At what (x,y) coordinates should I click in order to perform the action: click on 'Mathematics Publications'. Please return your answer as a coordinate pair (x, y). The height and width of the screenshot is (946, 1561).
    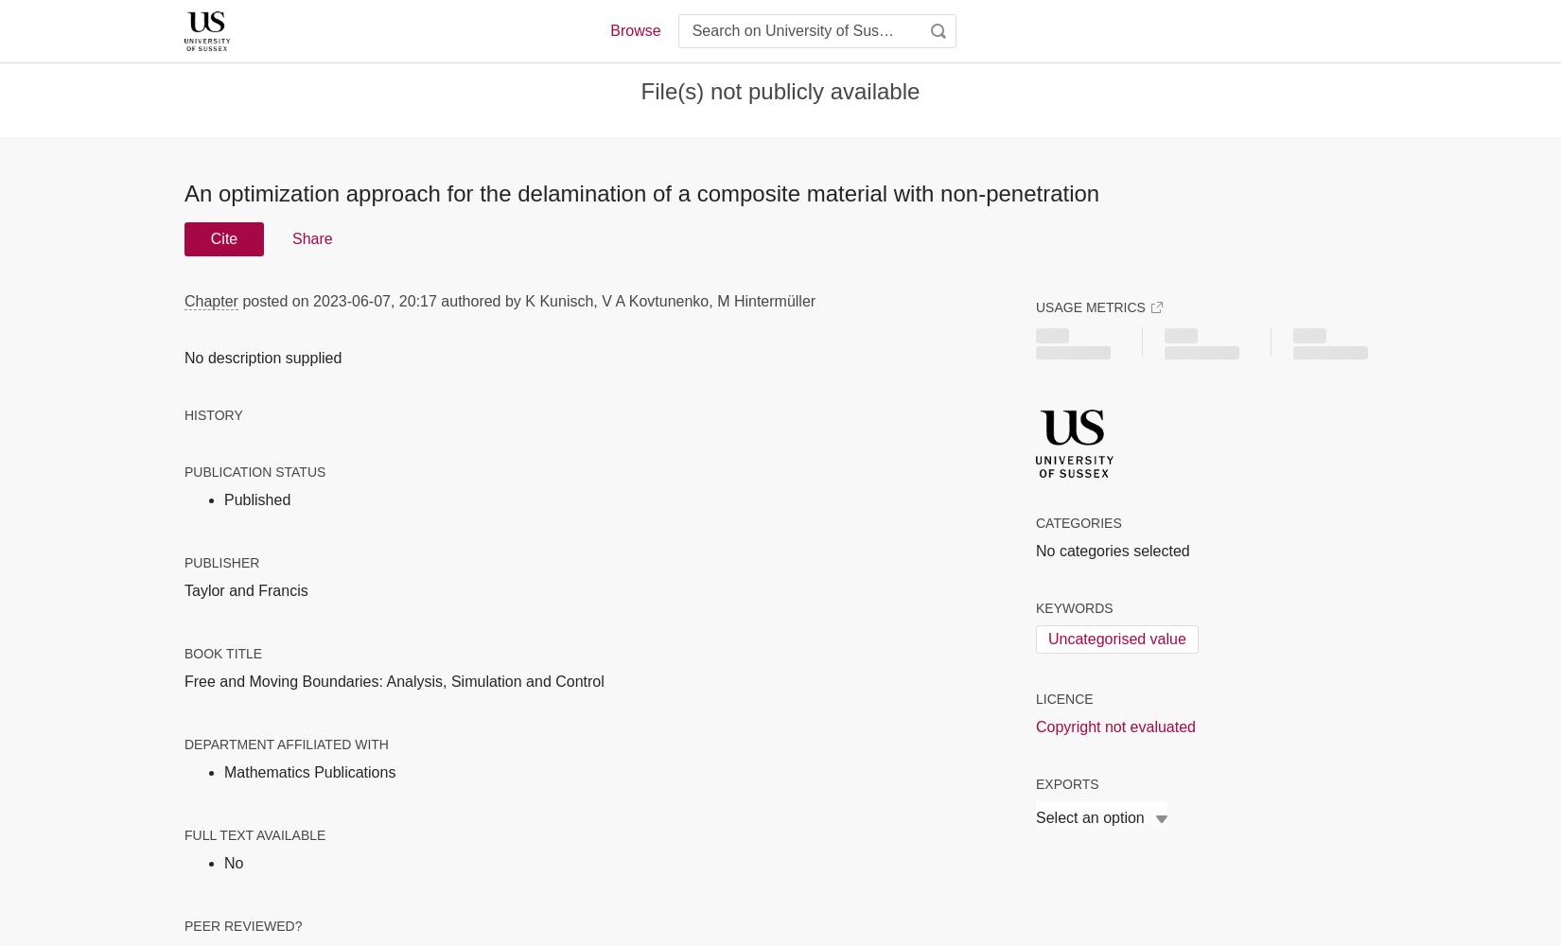
    Looking at the image, I should click on (223, 770).